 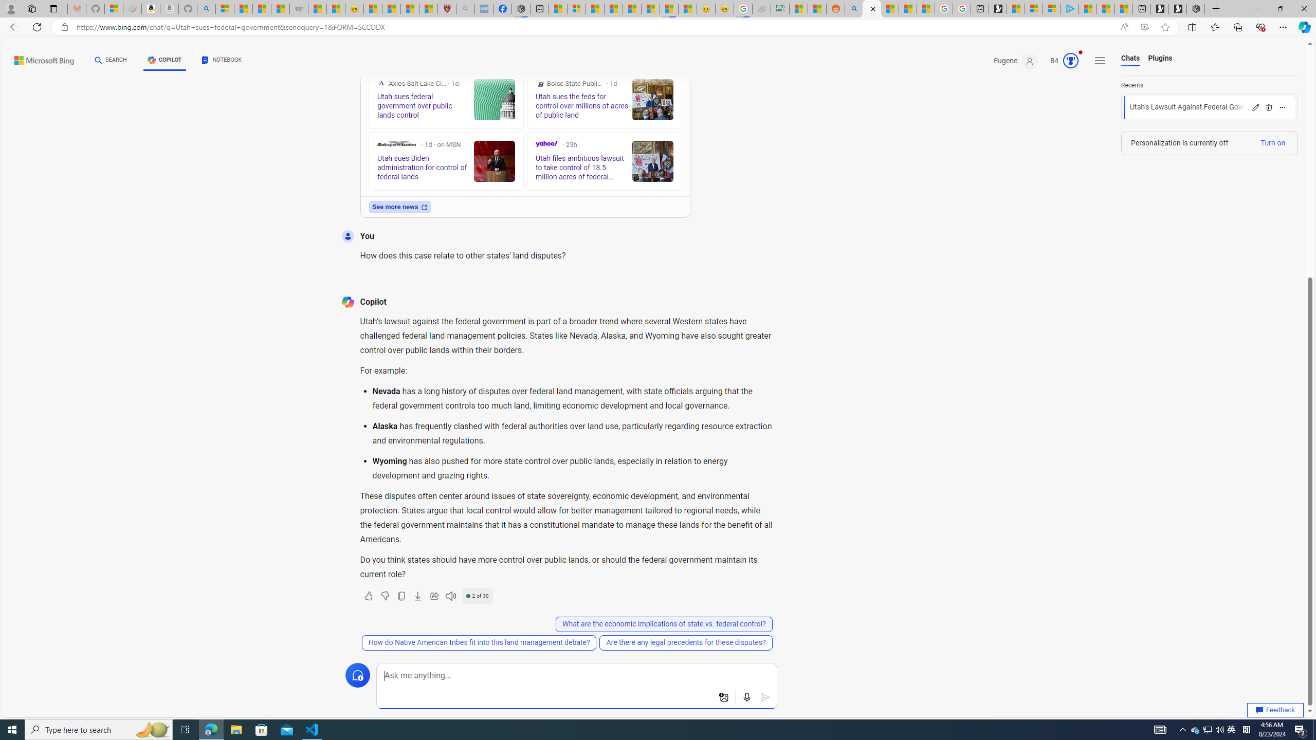 What do you see at coordinates (723, 697) in the screenshot?
I see `'Add an image to search'` at bounding box center [723, 697].